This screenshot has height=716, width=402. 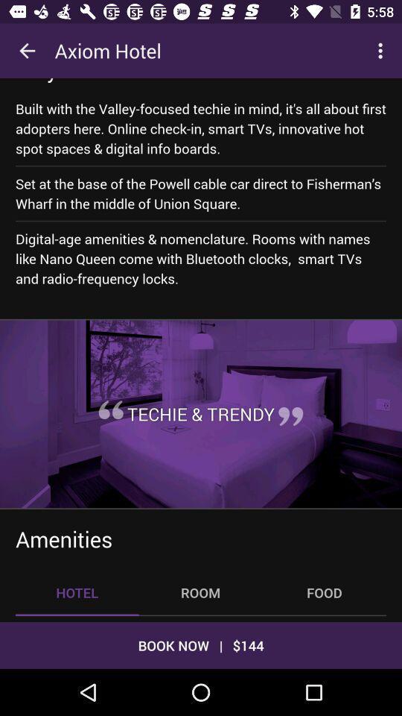 What do you see at coordinates (86, 81) in the screenshot?
I see `why we like item` at bounding box center [86, 81].